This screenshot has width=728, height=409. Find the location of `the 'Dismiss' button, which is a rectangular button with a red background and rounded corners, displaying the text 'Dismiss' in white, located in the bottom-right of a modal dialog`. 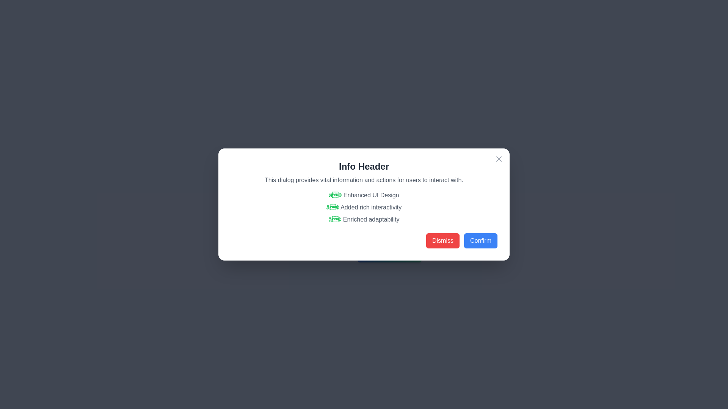

the 'Dismiss' button, which is a rectangular button with a red background and rounded corners, displaying the text 'Dismiss' in white, located in the bottom-right of a modal dialog is located at coordinates (442, 241).